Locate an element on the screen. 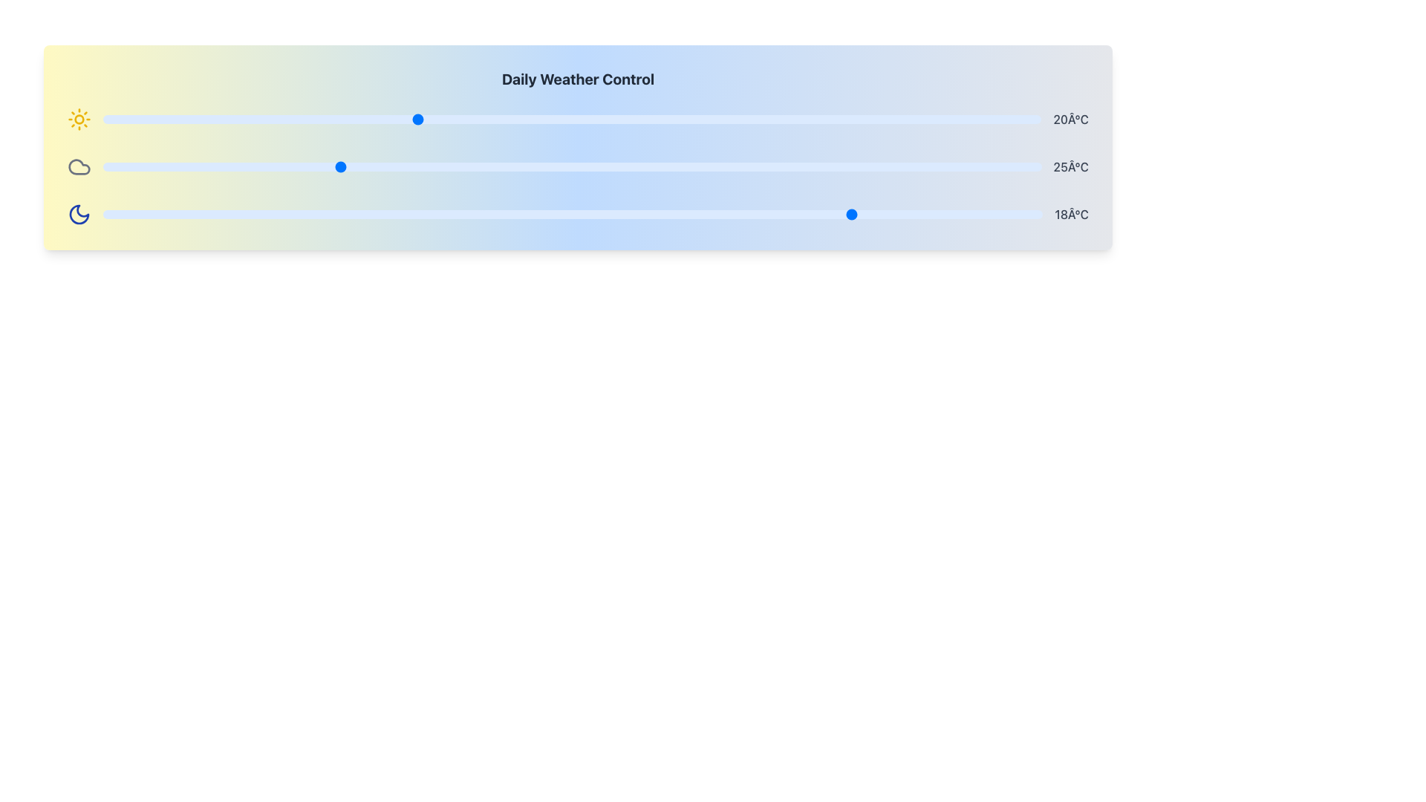  the evening temperature is located at coordinates (102, 215).